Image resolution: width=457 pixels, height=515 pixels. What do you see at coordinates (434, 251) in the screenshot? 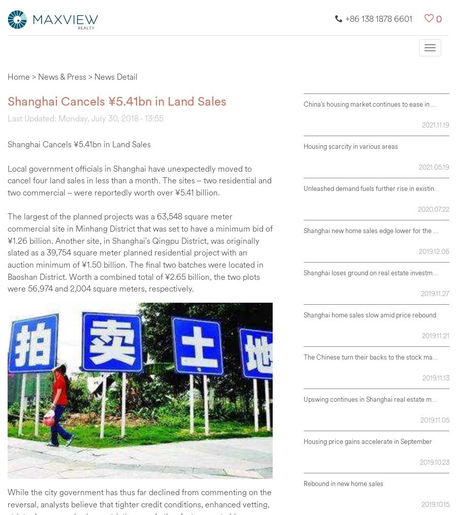
I see `'2019.12.06'` at bounding box center [434, 251].